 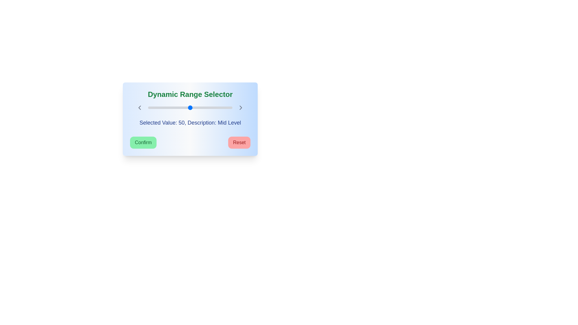 I want to click on the slider, so click(x=153, y=107).